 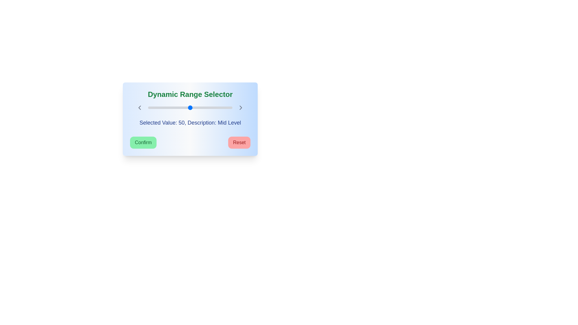 I want to click on the slider, so click(x=153, y=107).